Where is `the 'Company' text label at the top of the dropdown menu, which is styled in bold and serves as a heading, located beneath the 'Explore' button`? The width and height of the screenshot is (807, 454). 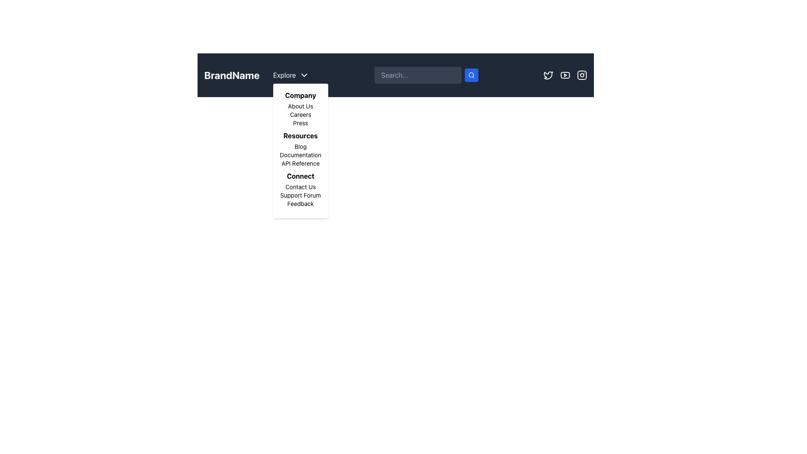
the 'Company' text label at the top of the dropdown menu, which is styled in bold and serves as a heading, located beneath the 'Explore' button is located at coordinates (301, 95).